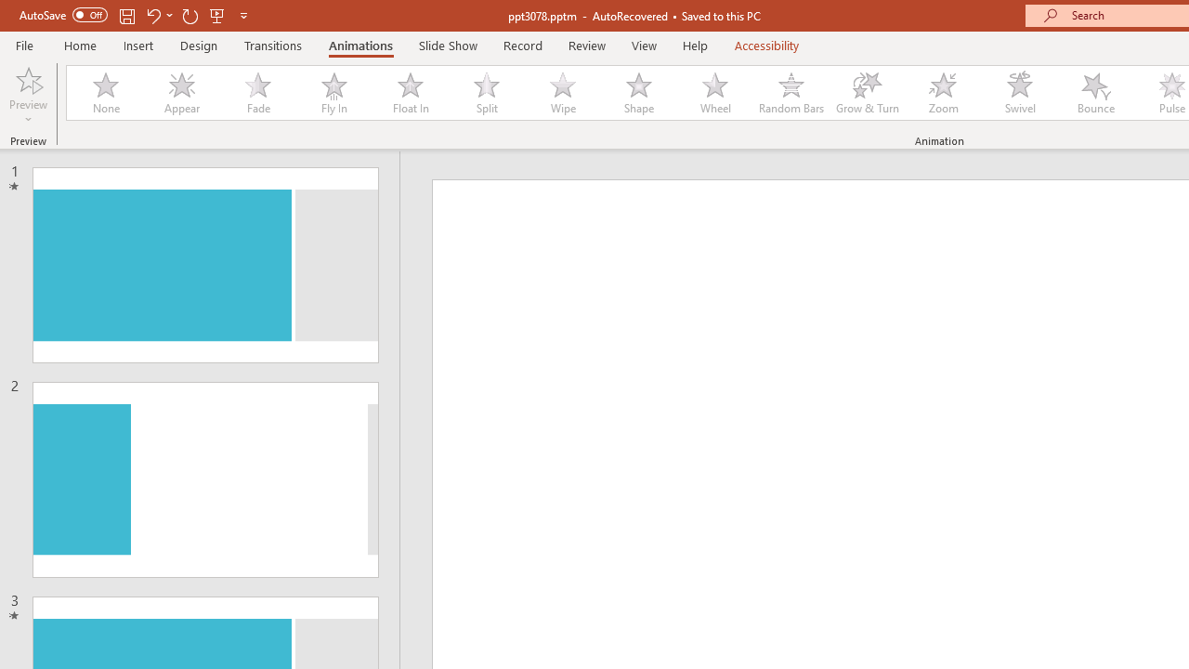 This screenshot has height=669, width=1189. What do you see at coordinates (256, 93) in the screenshot?
I see `'Fade'` at bounding box center [256, 93].